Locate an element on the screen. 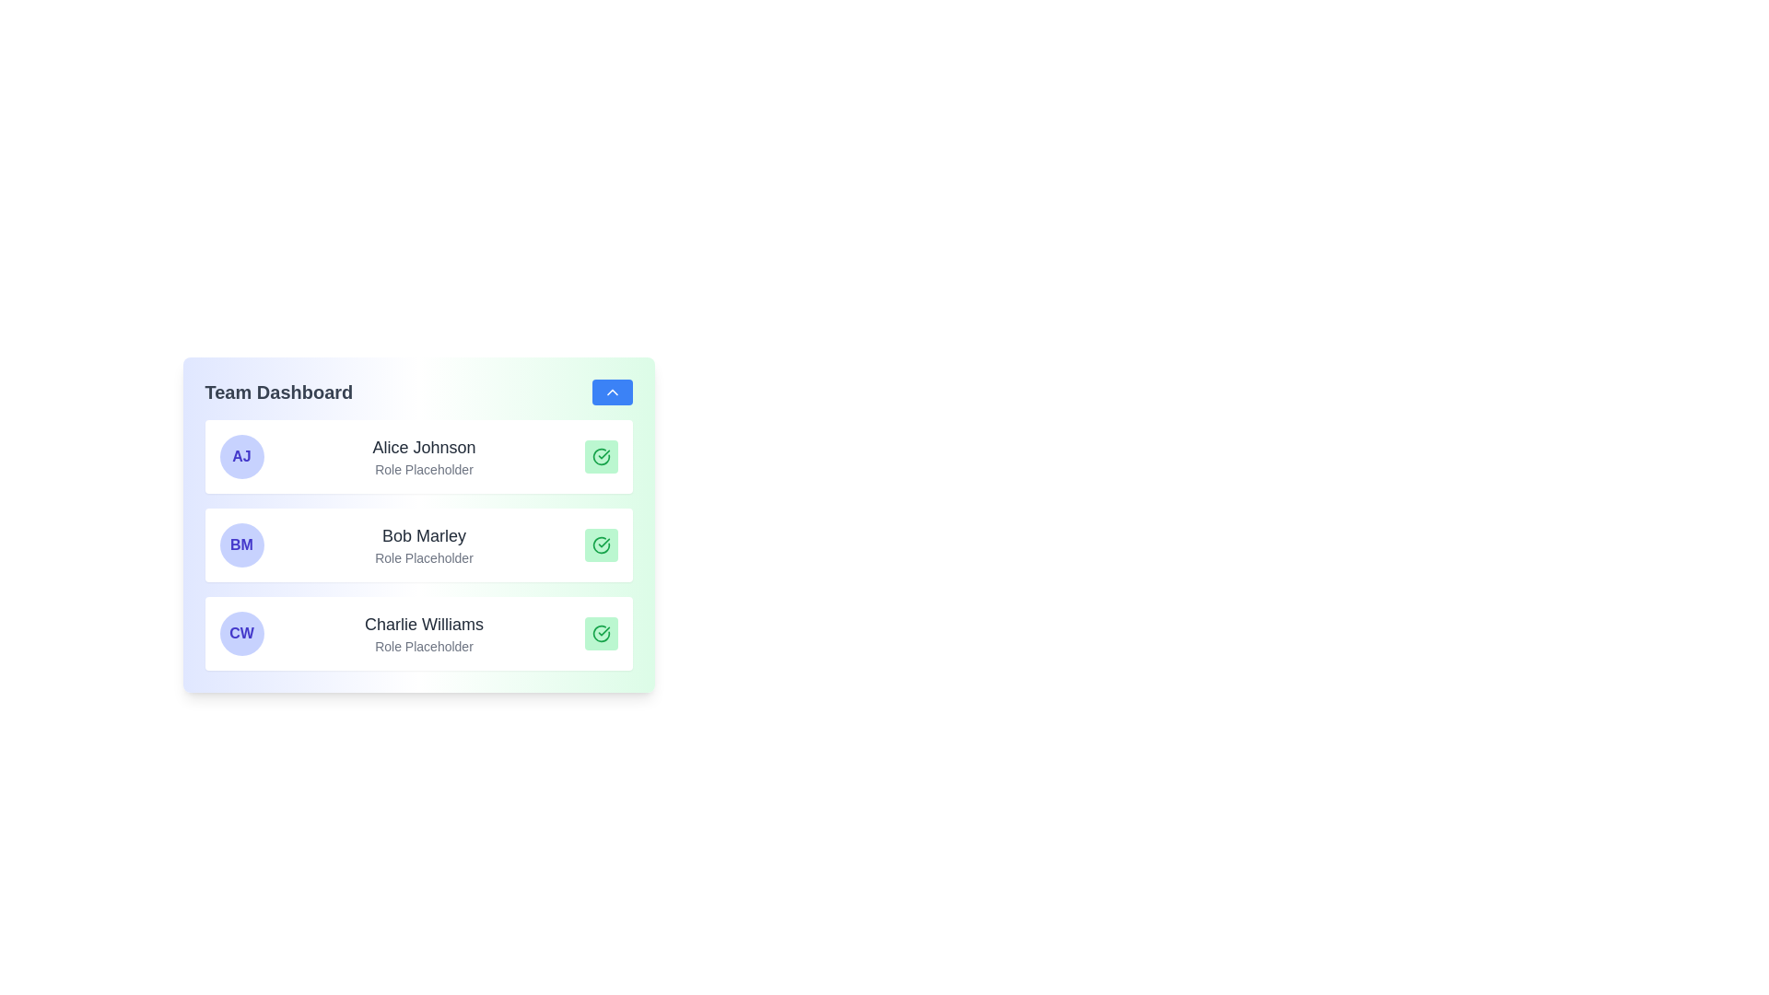 The image size is (1769, 995). the text block displaying the user's name and role, located in the third row of the team member list, between 'Bob Marley' and the green checkmark button is located at coordinates (423, 632).